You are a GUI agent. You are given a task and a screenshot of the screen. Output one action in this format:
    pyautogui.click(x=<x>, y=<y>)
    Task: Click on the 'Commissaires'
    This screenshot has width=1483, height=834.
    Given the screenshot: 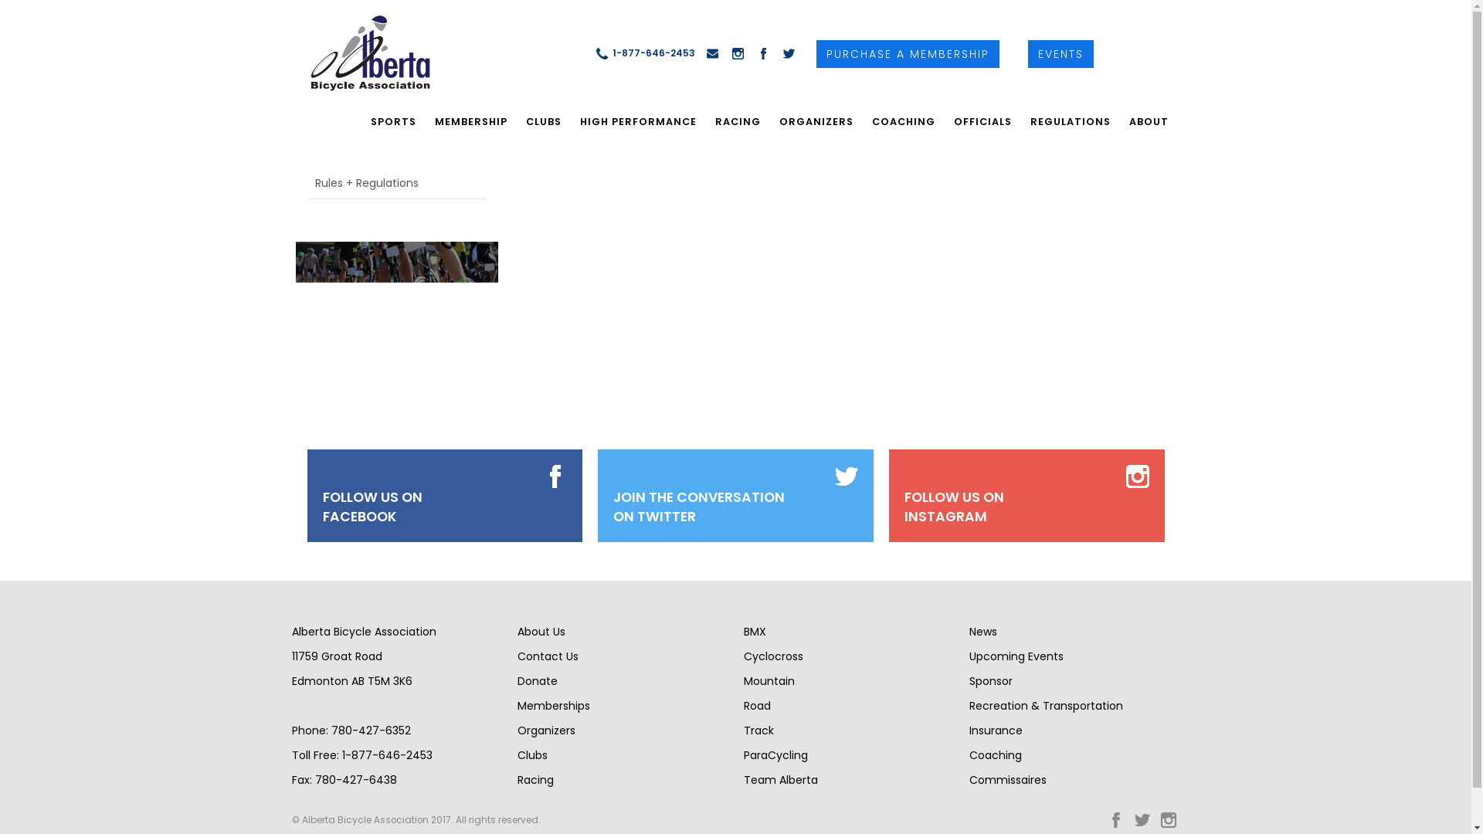 What is the action you would take?
    pyautogui.click(x=1008, y=780)
    